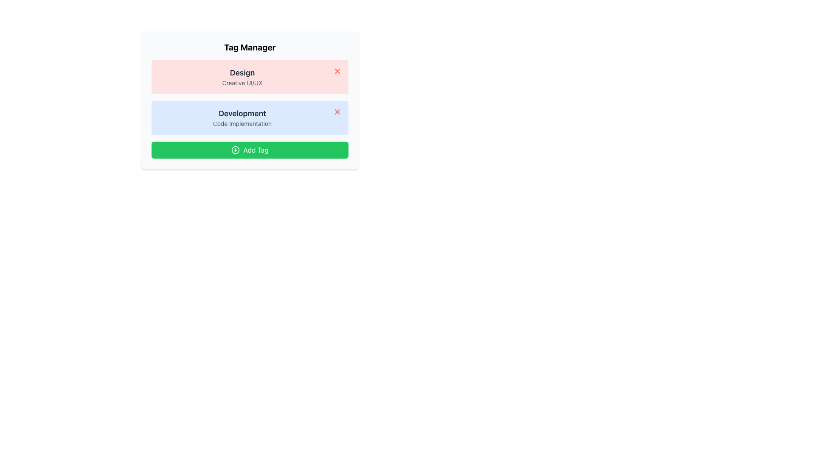 The image size is (815, 458). What do you see at coordinates (337, 111) in the screenshot?
I see `the red 'X' button in the upper-right corner of the blue box labeled 'Development'` at bounding box center [337, 111].